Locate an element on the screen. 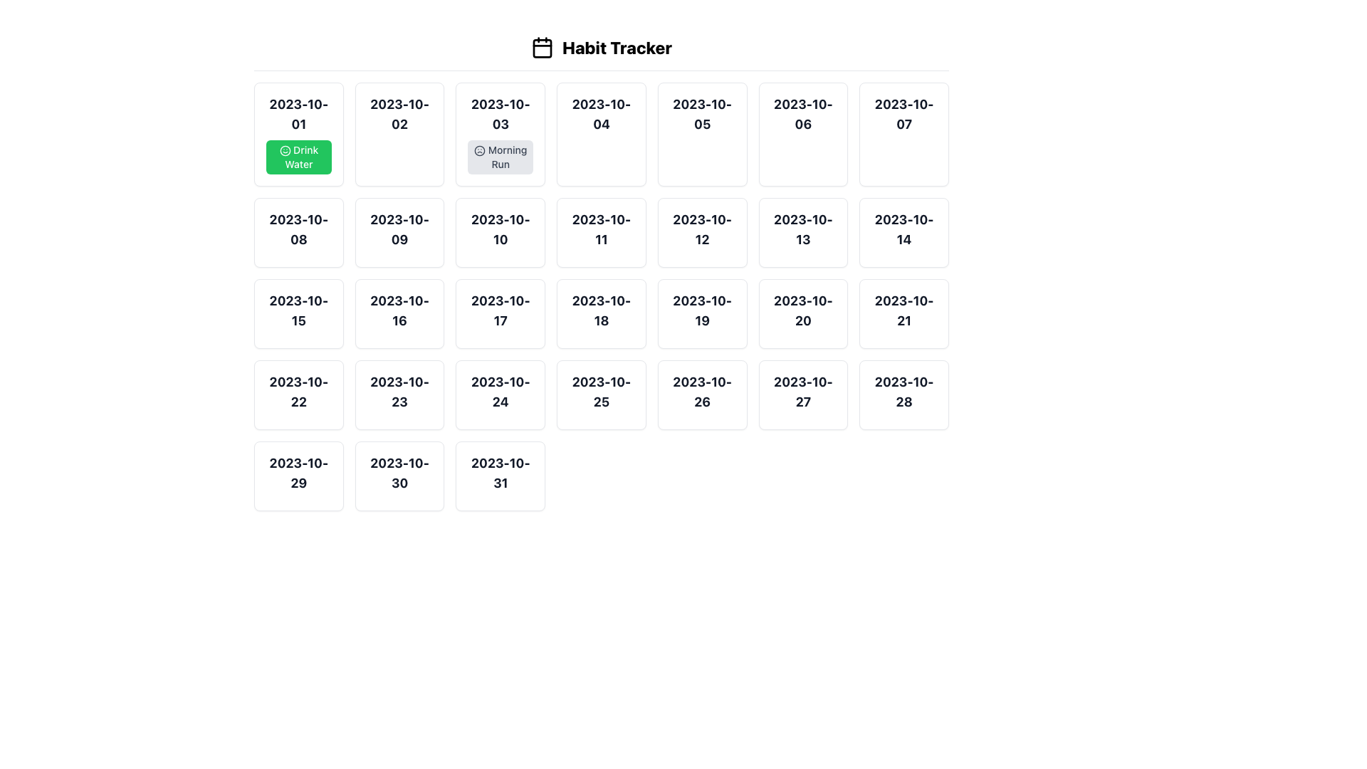  the text label displaying the specific date in the sixth row and fifth column of the calendar interface is located at coordinates (601, 392).